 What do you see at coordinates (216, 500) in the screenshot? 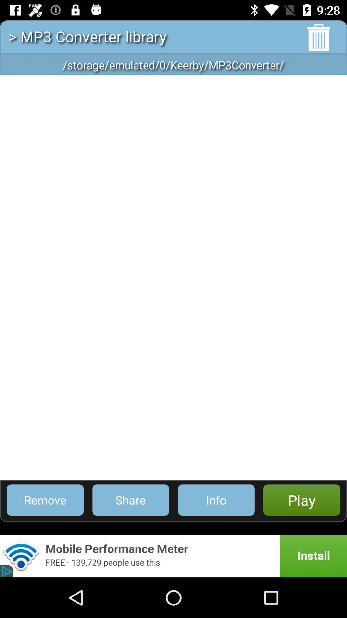
I see `info item` at bounding box center [216, 500].